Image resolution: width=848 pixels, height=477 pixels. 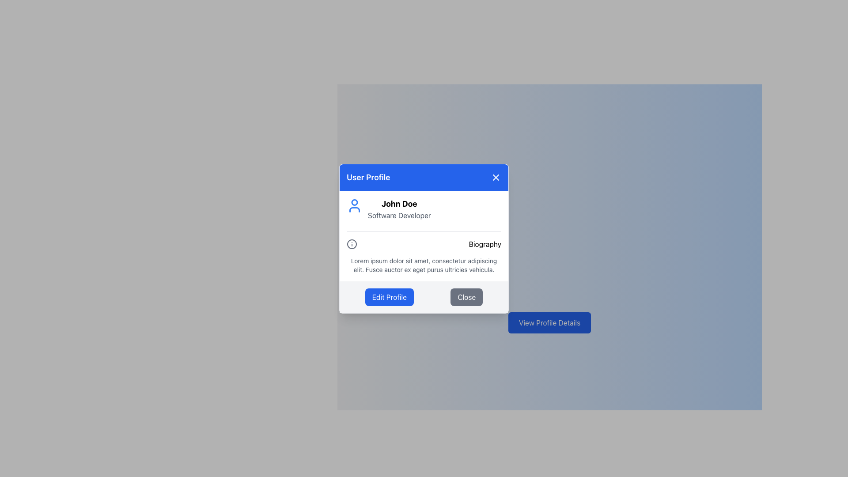 What do you see at coordinates (351, 244) in the screenshot?
I see `the information icon, which is a gray circular icon with a smaller circular pattern inside, located to the left of the 'Biography' heading in the user profile card` at bounding box center [351, 244].